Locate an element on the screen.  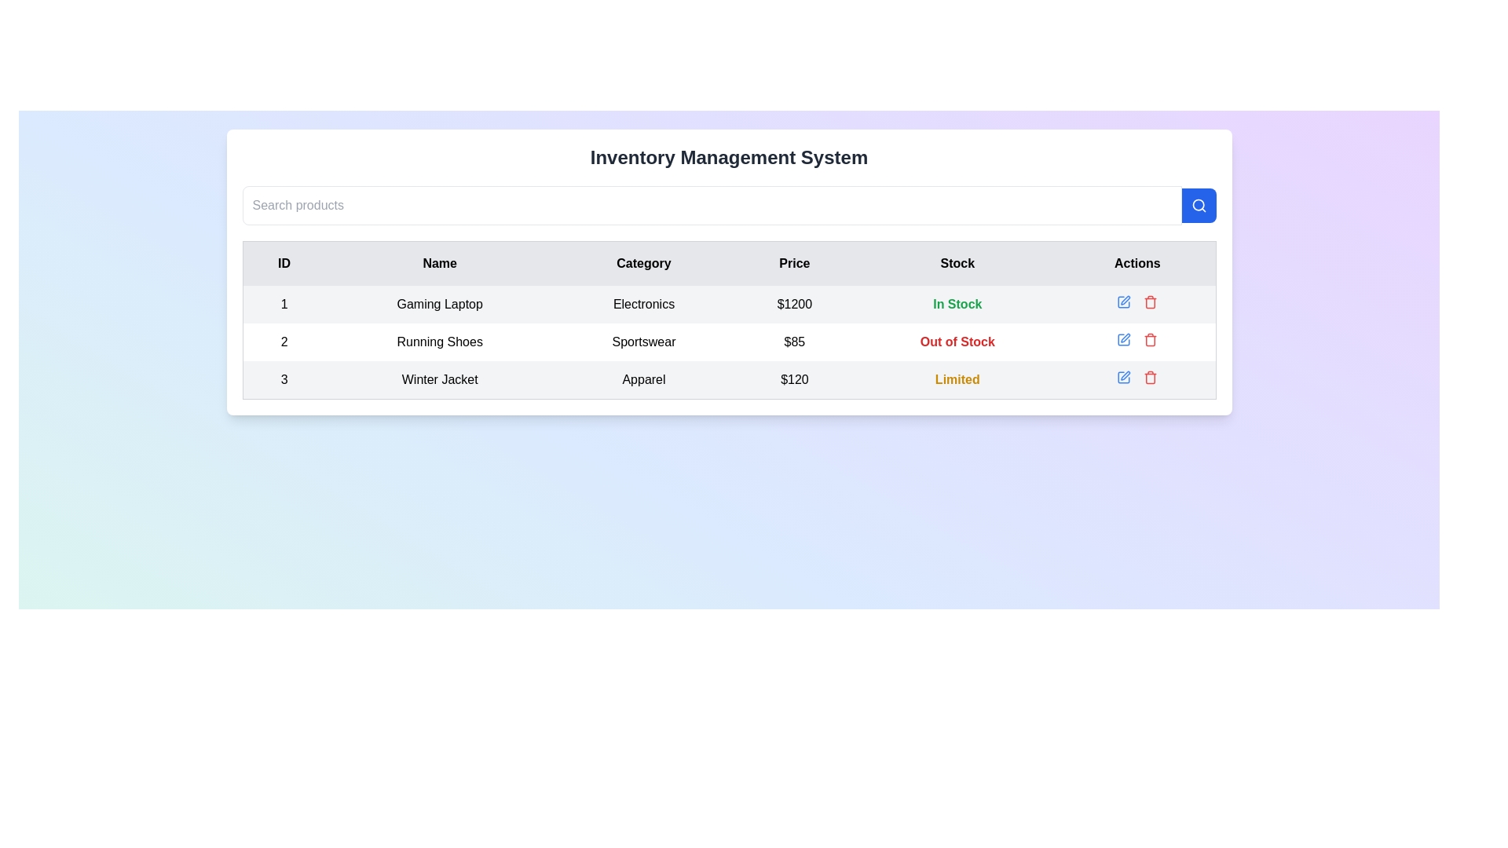
the Table Header for the 'ID' column, which is the first header in the table, located at the top-left corner of the table is located at coordinates (284, 262).